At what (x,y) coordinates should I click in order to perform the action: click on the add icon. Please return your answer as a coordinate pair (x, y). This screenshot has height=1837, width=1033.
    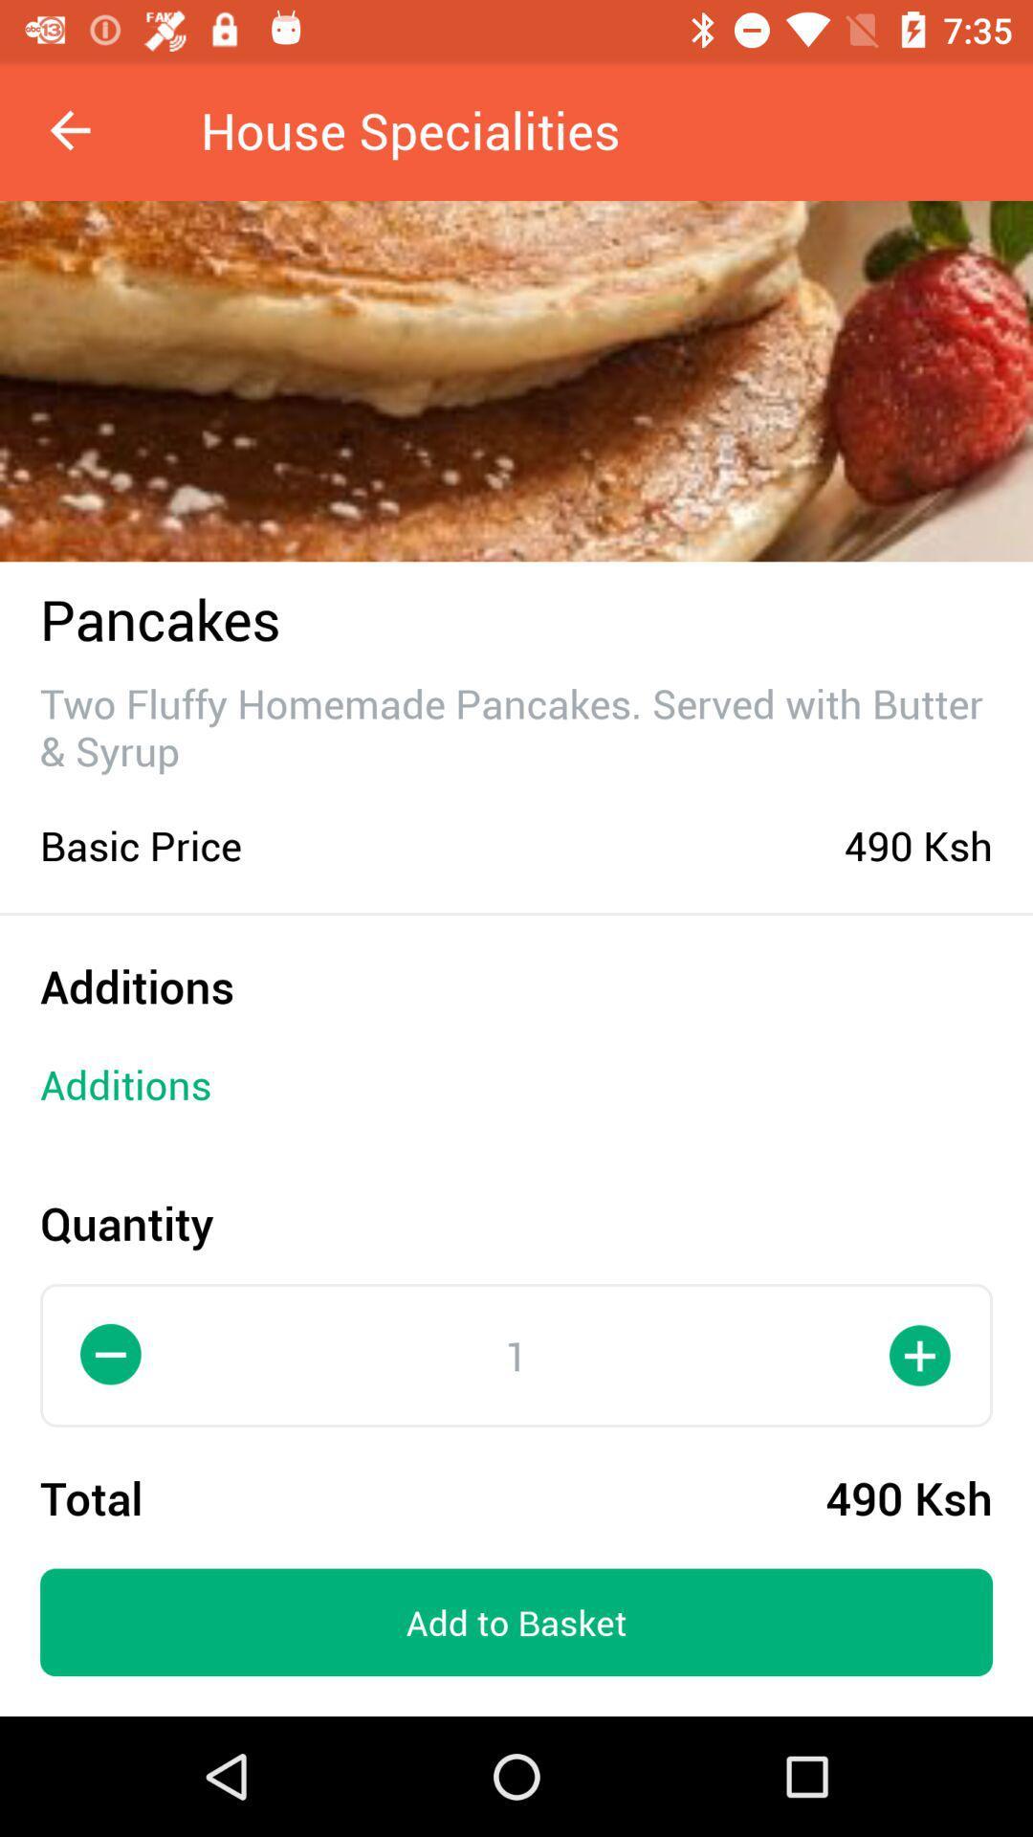
    Looking at the image, I should click on (920, 1354).